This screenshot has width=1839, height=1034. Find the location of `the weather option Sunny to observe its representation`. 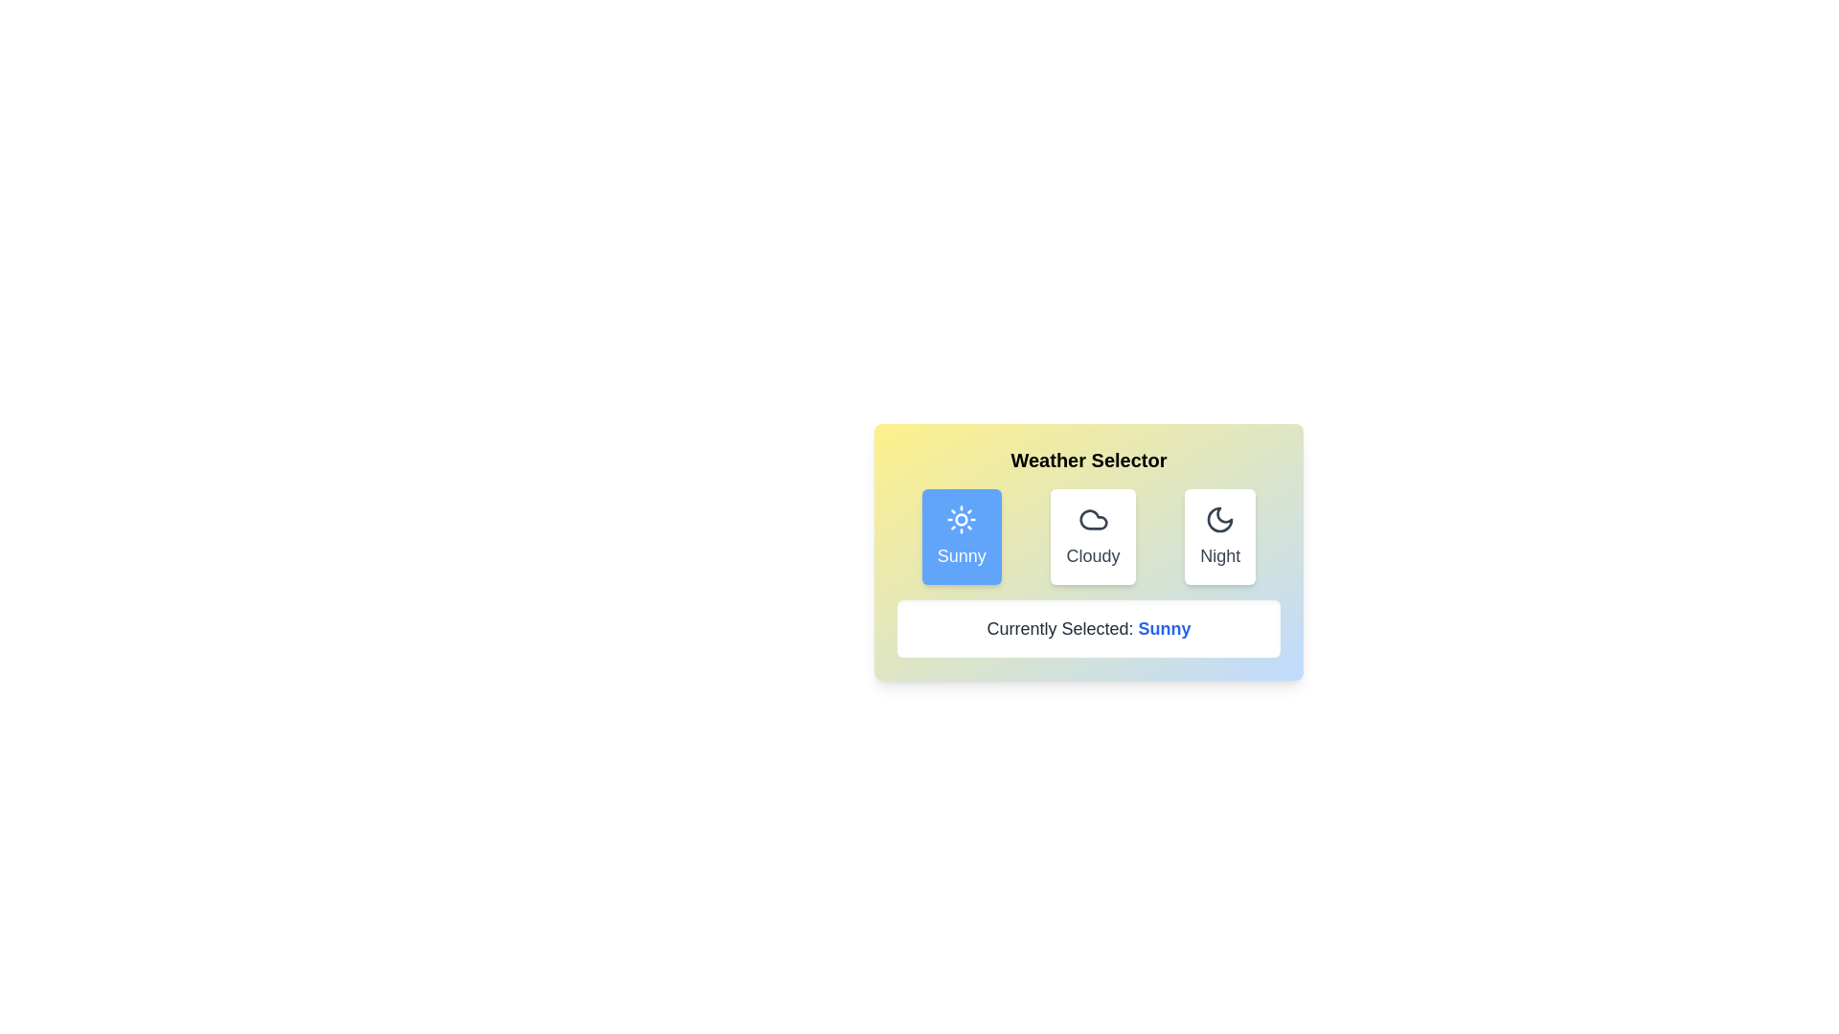

the weather option Sunny to observe its representation is located at coordinates (961, 536).